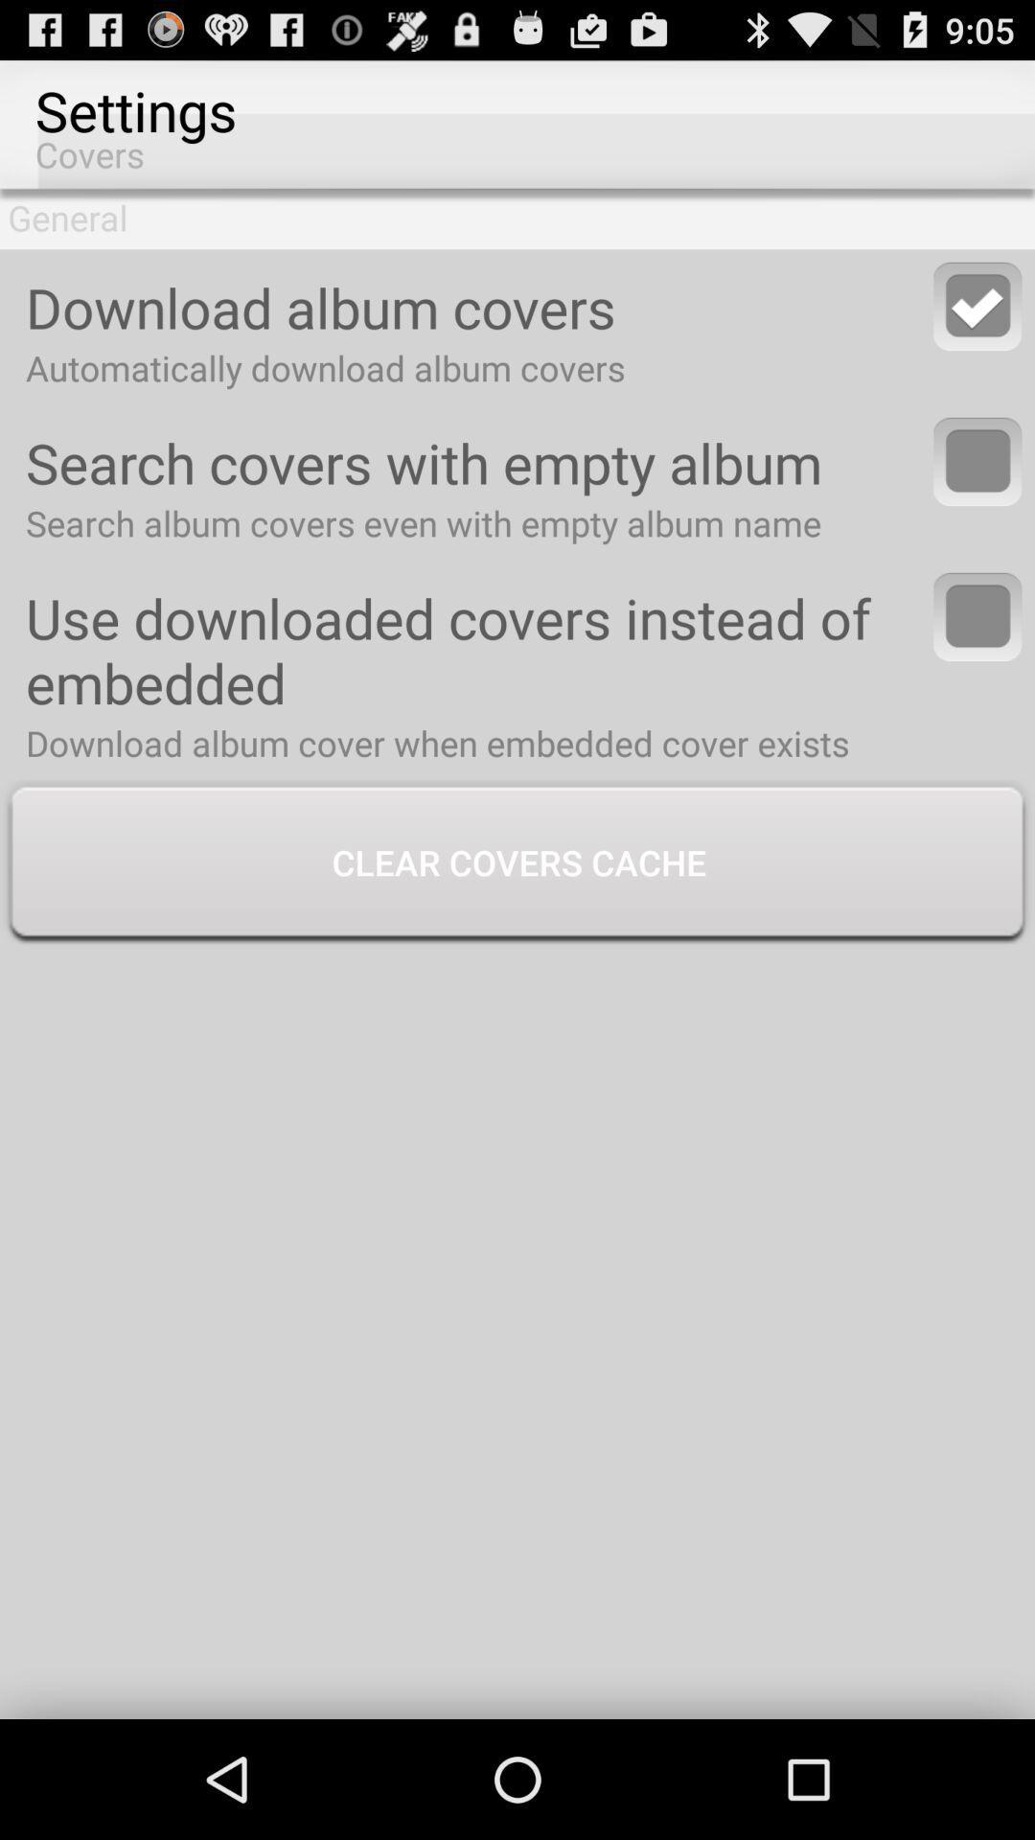  I want to click on option to search covers with empty album, so click(977, 461).